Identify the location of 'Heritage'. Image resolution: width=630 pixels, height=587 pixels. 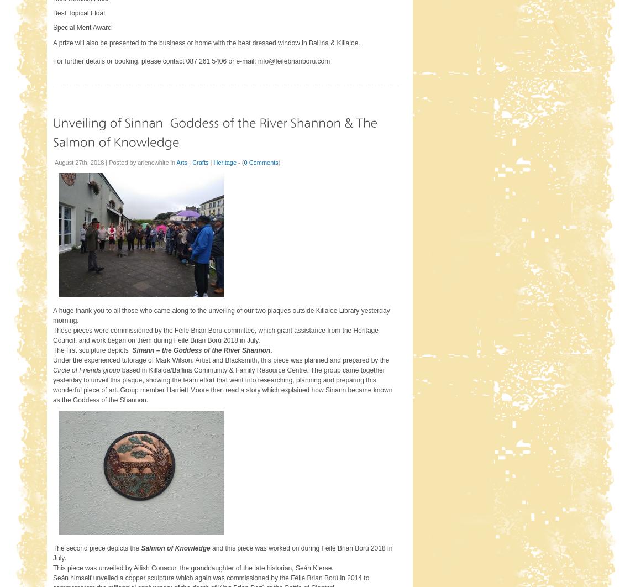
(224, 161).